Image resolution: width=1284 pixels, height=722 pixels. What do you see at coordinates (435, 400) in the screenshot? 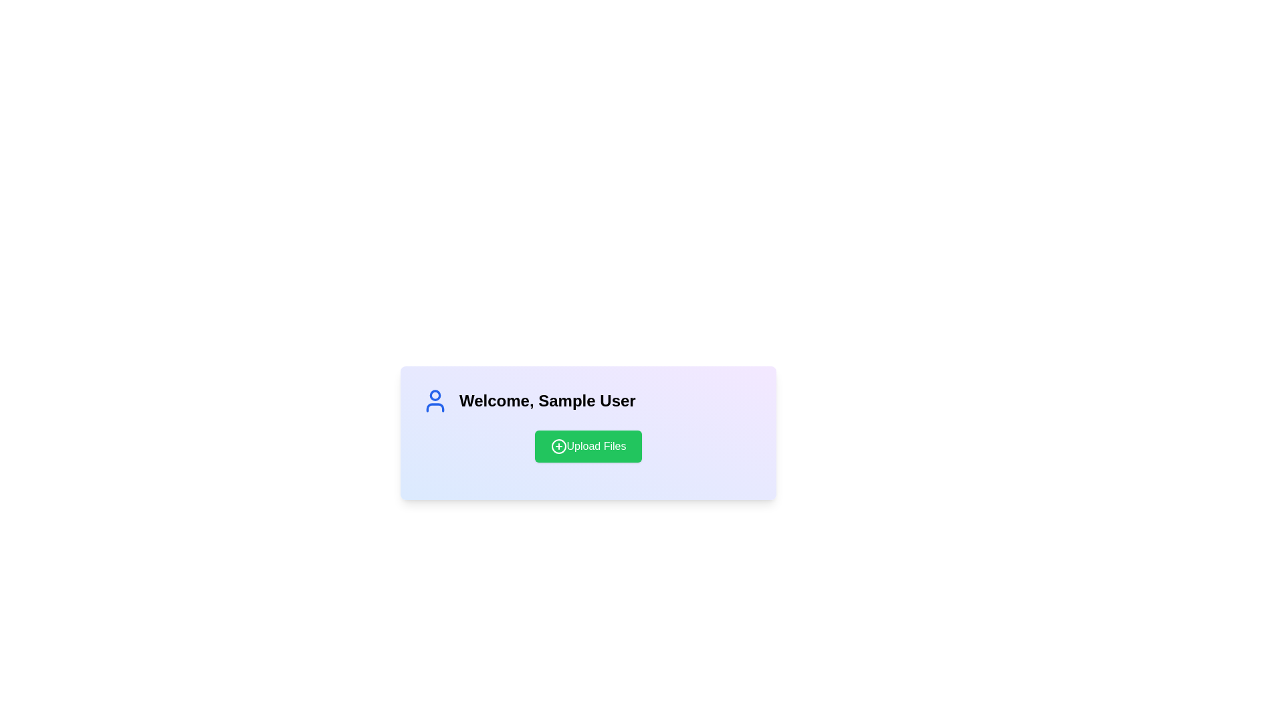
I see `the SVG graphic icon representing user-related content, located to the left of the welcome text 'Welcome, Sample User'` at bounding box center [435, 400].